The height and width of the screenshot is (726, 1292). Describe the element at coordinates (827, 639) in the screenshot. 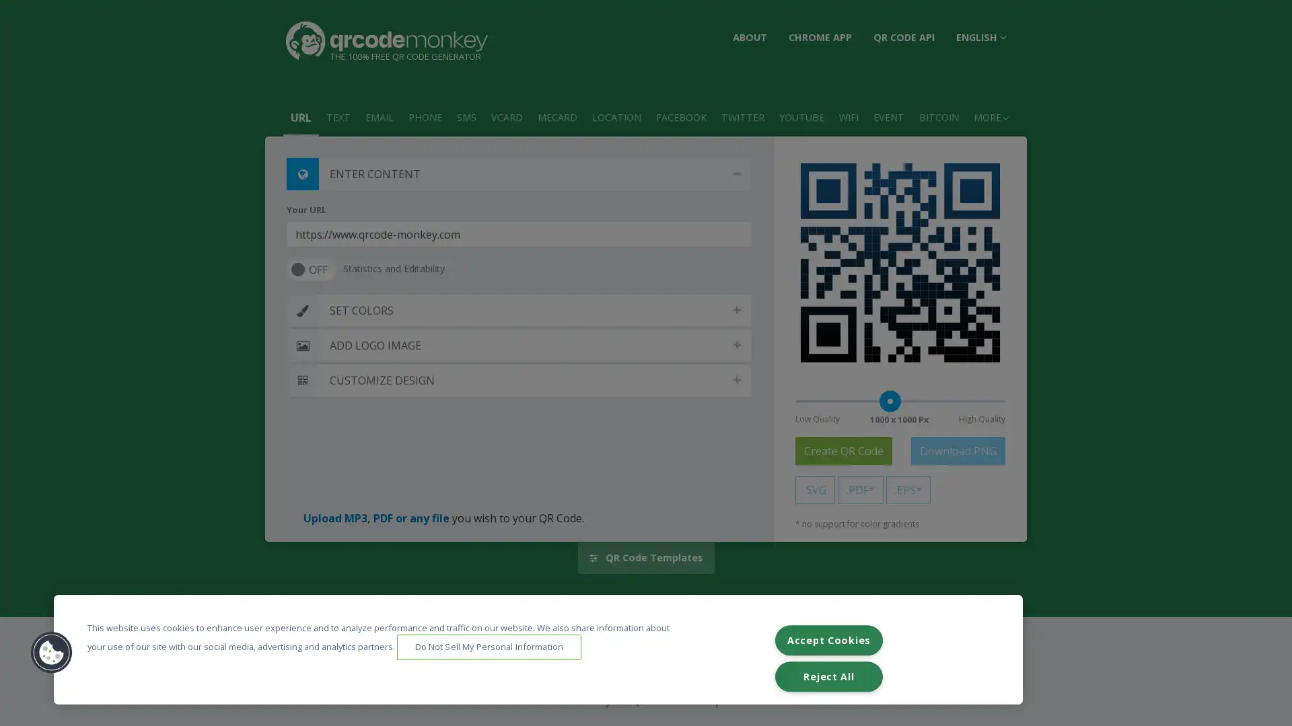

I see `Accept Cookies` at that location.